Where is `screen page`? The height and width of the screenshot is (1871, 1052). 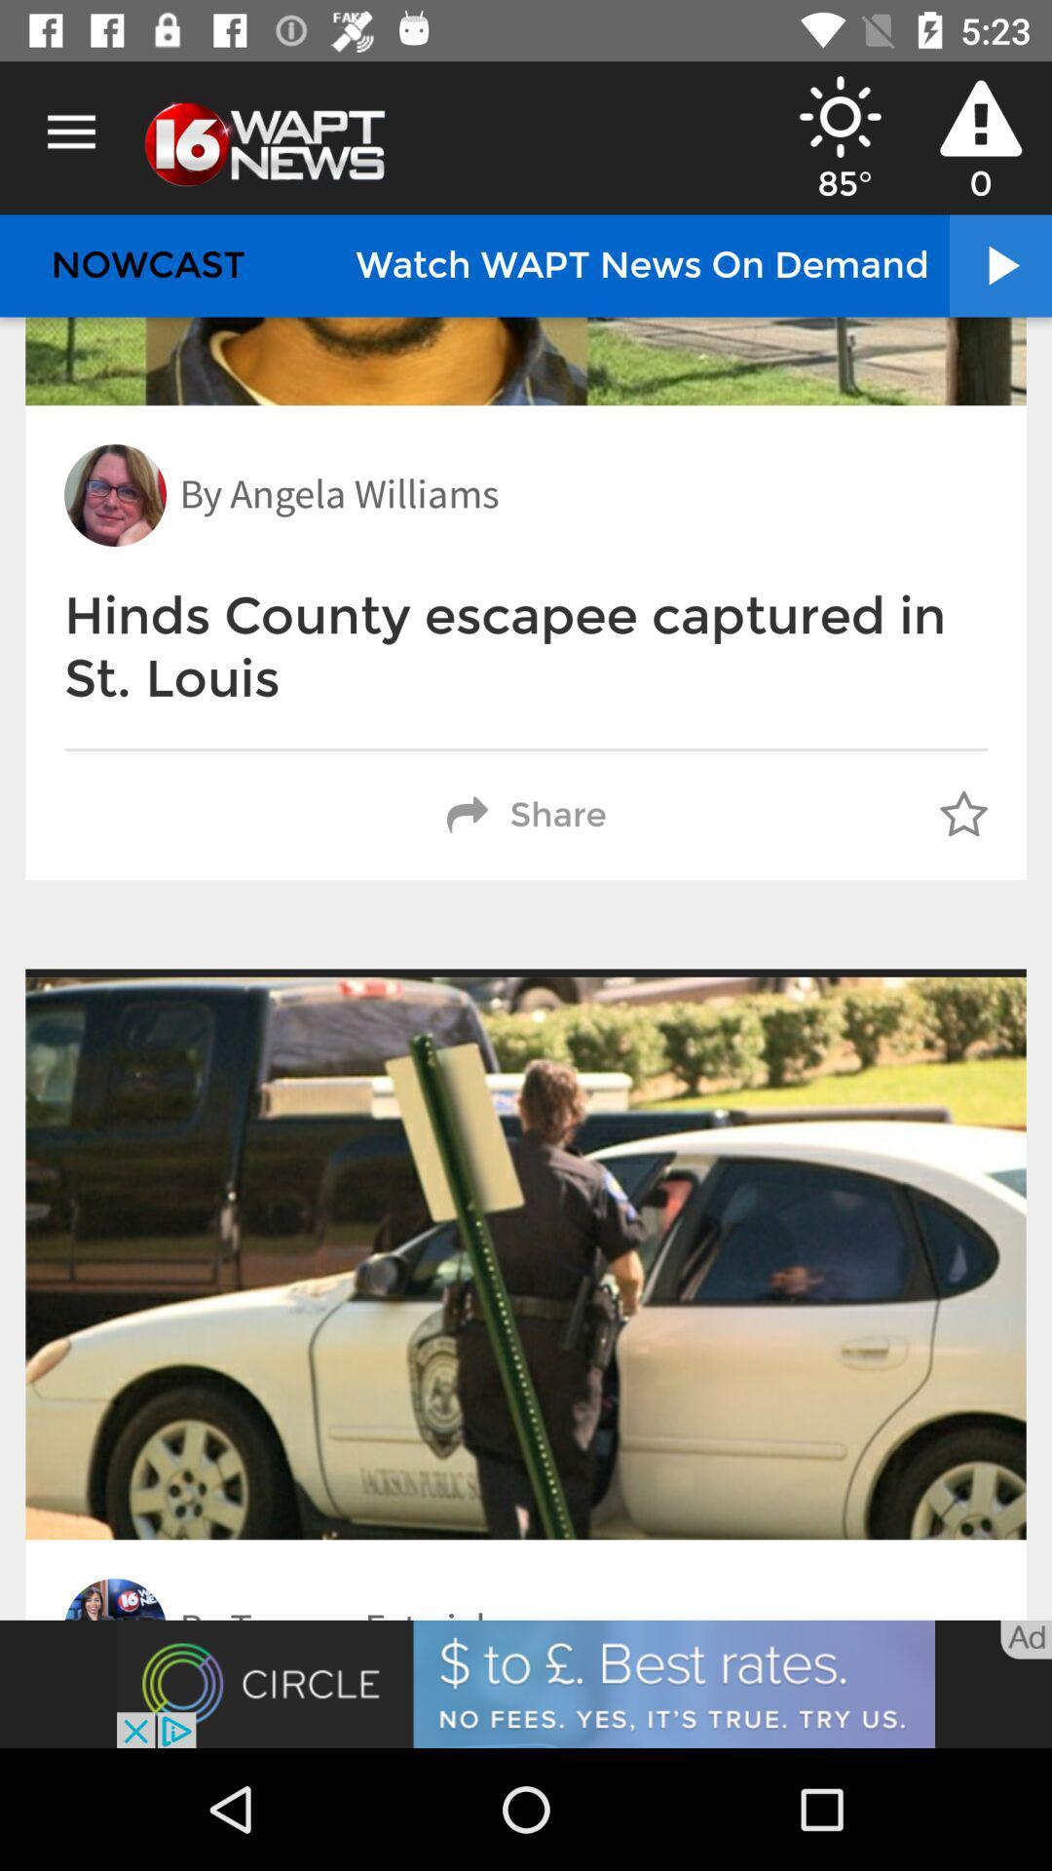 screen page is located at coordinates (526, 1683).